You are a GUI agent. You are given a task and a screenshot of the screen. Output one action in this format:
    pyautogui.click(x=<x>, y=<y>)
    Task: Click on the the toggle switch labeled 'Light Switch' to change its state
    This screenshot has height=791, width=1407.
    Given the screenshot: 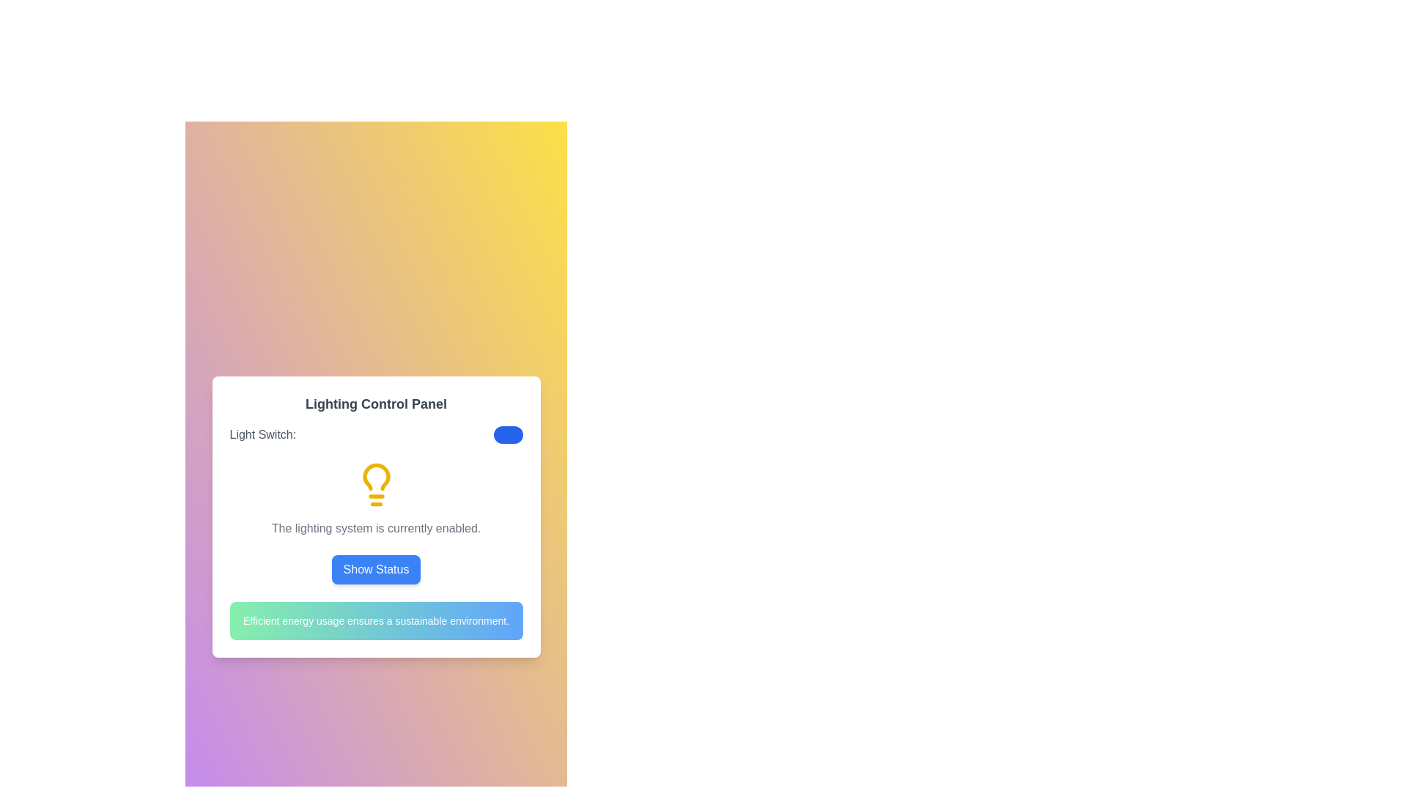 What is the action you would take?
    pyautogui.click(x=508, y=434)
    